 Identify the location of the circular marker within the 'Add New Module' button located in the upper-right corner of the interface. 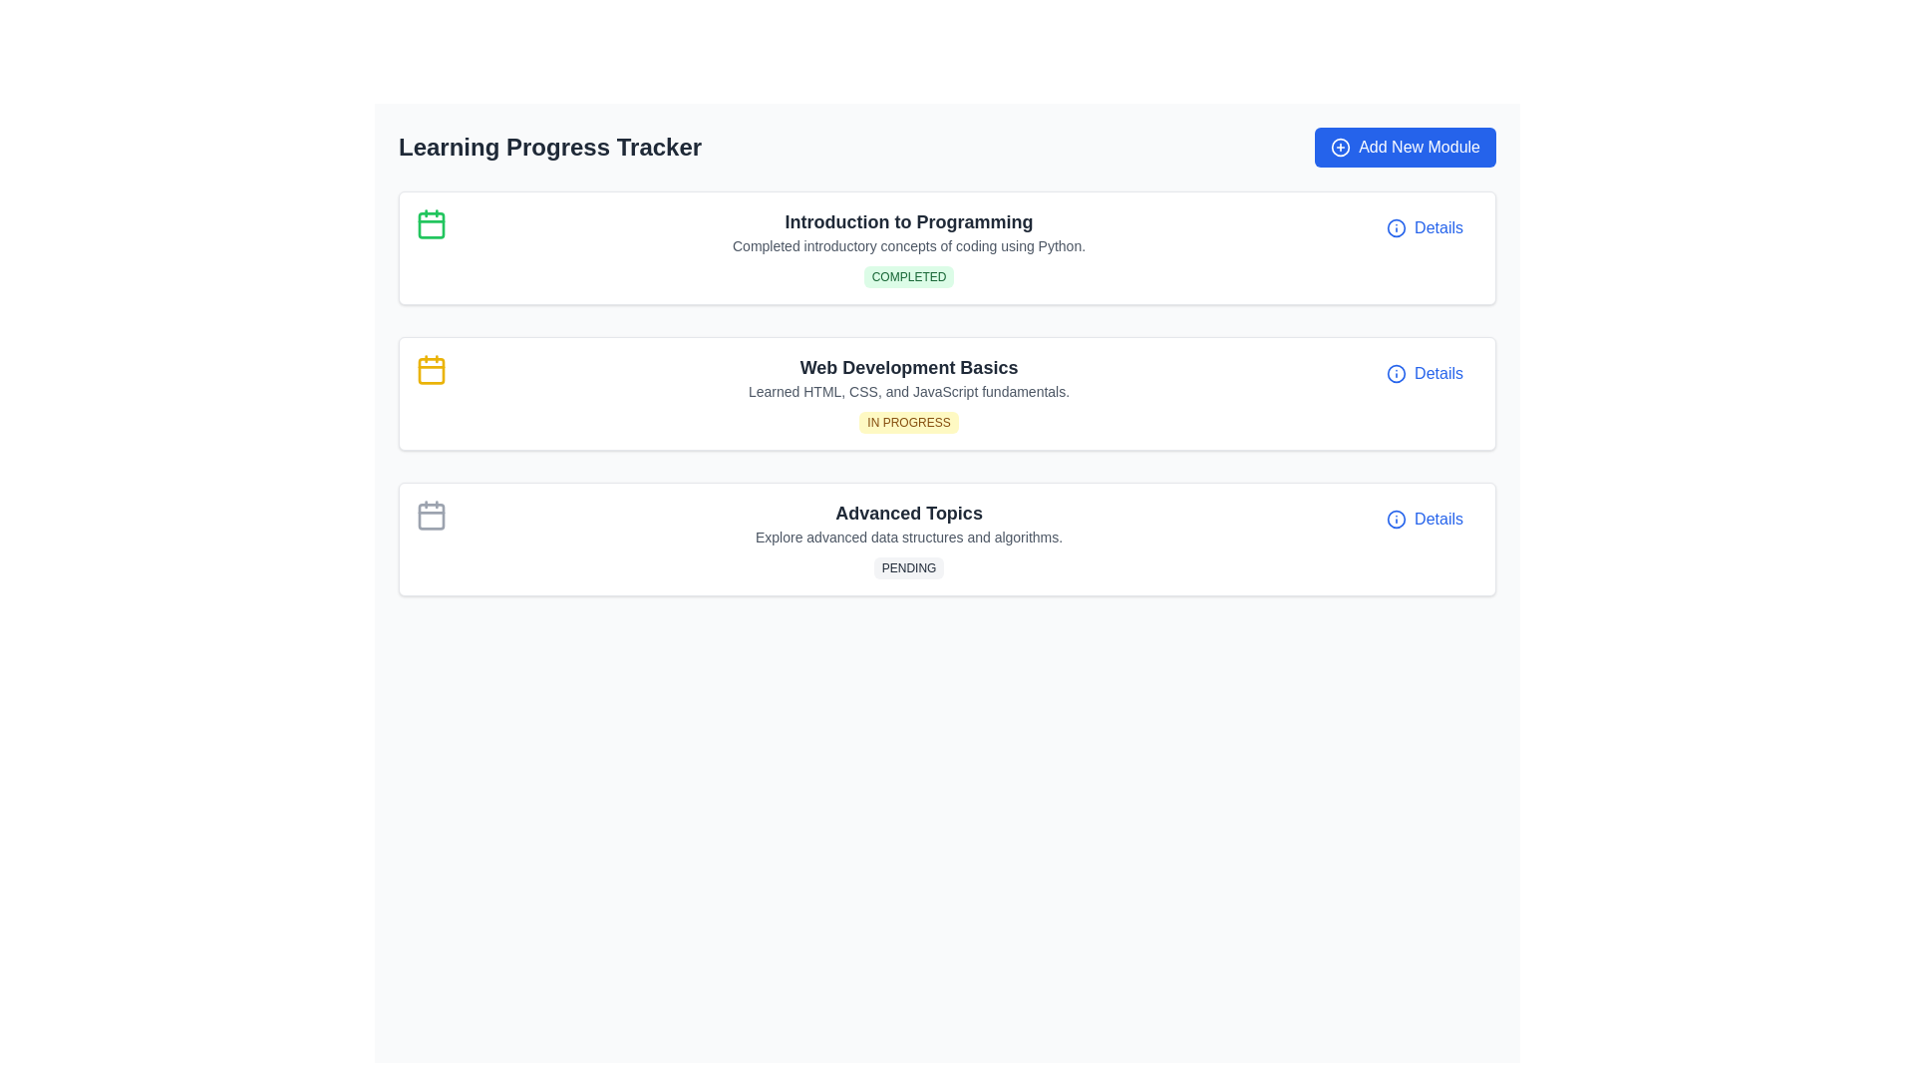
(1341, 146).